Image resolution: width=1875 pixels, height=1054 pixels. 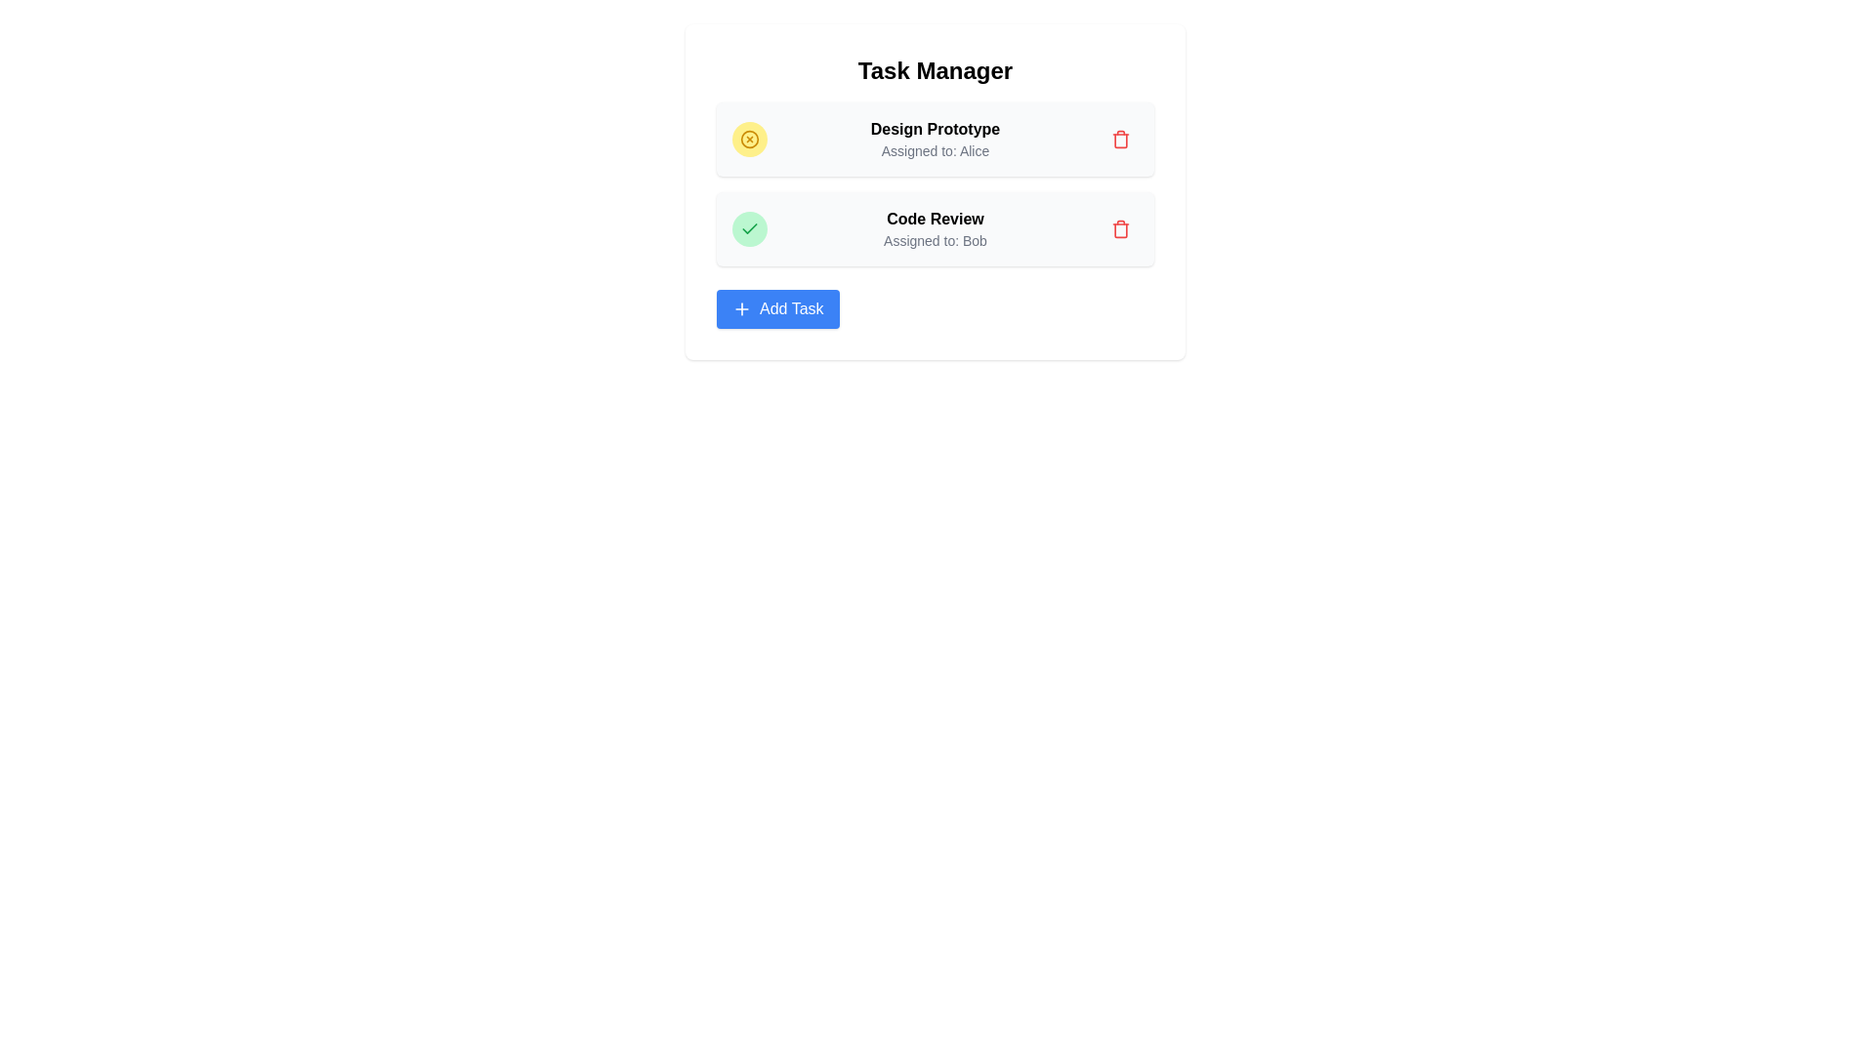 What do you see at coordinates (1120, 140) in the screenshot?
I see `the body of the trash icon, which visually represents a delete or remove action in the task manager interface` at bounding box center [1120, 140].